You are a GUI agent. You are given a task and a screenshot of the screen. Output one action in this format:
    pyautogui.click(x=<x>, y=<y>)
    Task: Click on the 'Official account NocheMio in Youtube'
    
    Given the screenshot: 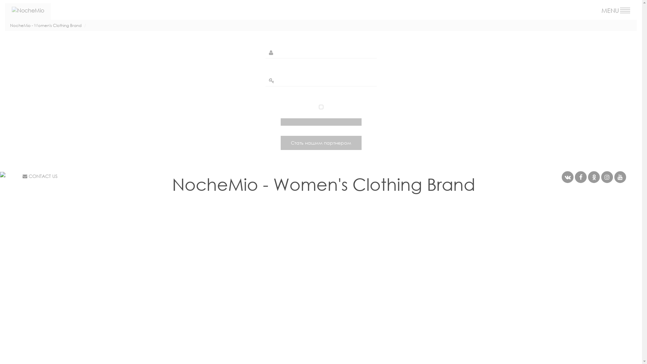 What is the action you would take?
    pyautogui.click(x=620, y=177)
    